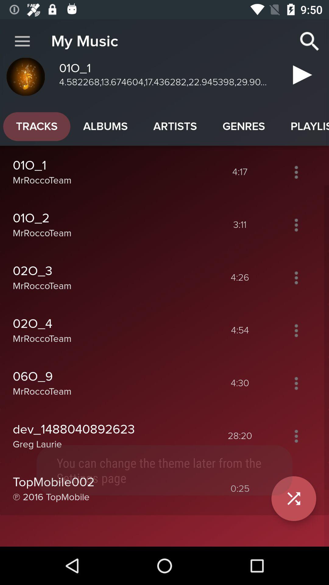 Image resolution: width=329 pixels, height=585 pixels. What do you see at coordinates (296, 277) in the screenshot?
I see `share add to favourites add to playlist play as next set as info song delete hide` at bounding box center [296, 277].